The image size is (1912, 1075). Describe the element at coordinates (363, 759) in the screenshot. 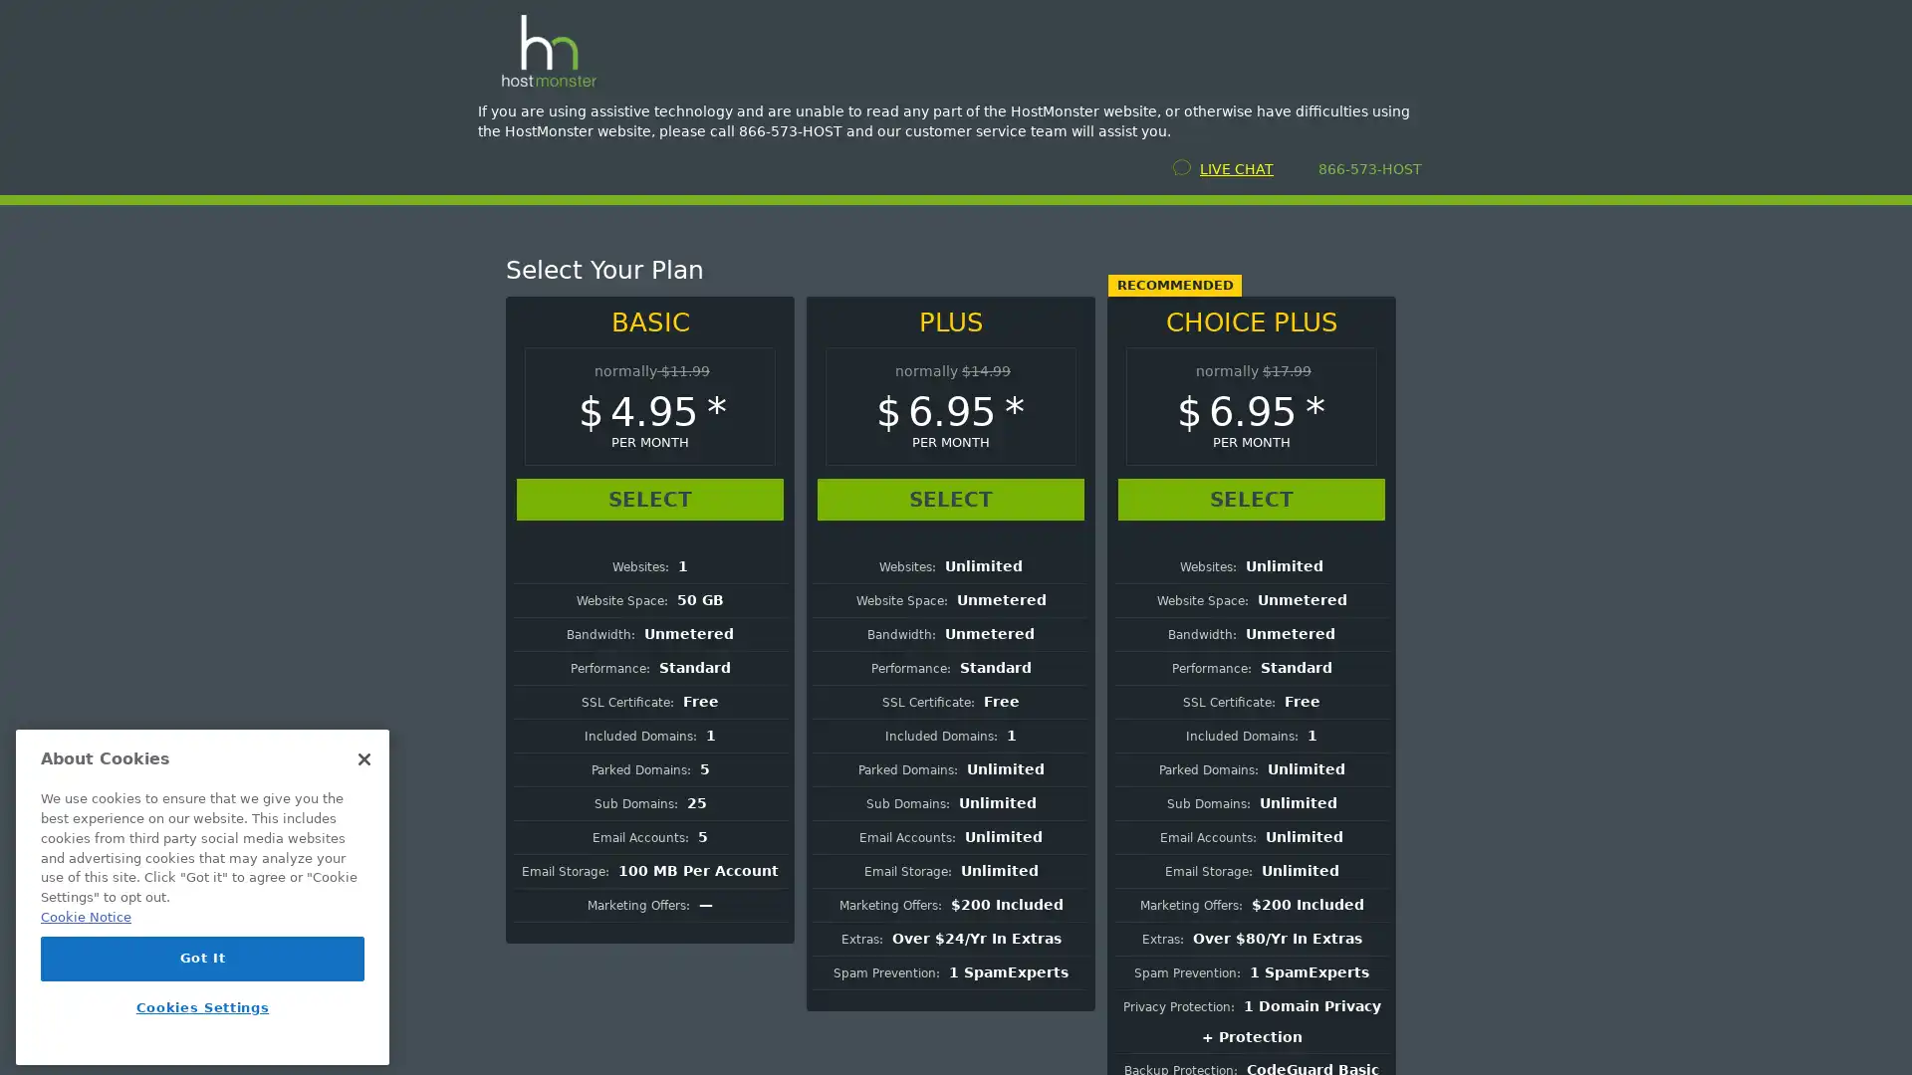

I see `Close` at that location.